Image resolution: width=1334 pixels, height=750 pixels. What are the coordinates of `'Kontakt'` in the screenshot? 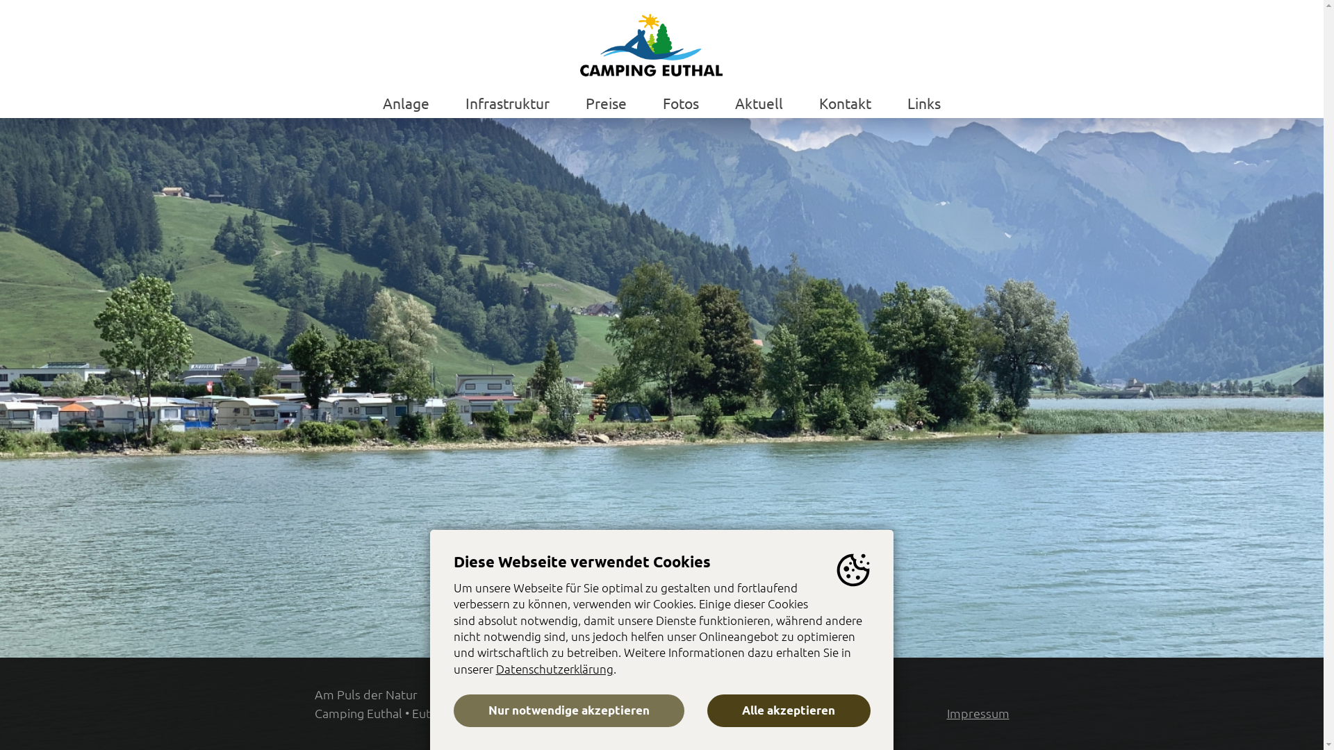 It's located at (844, 101).